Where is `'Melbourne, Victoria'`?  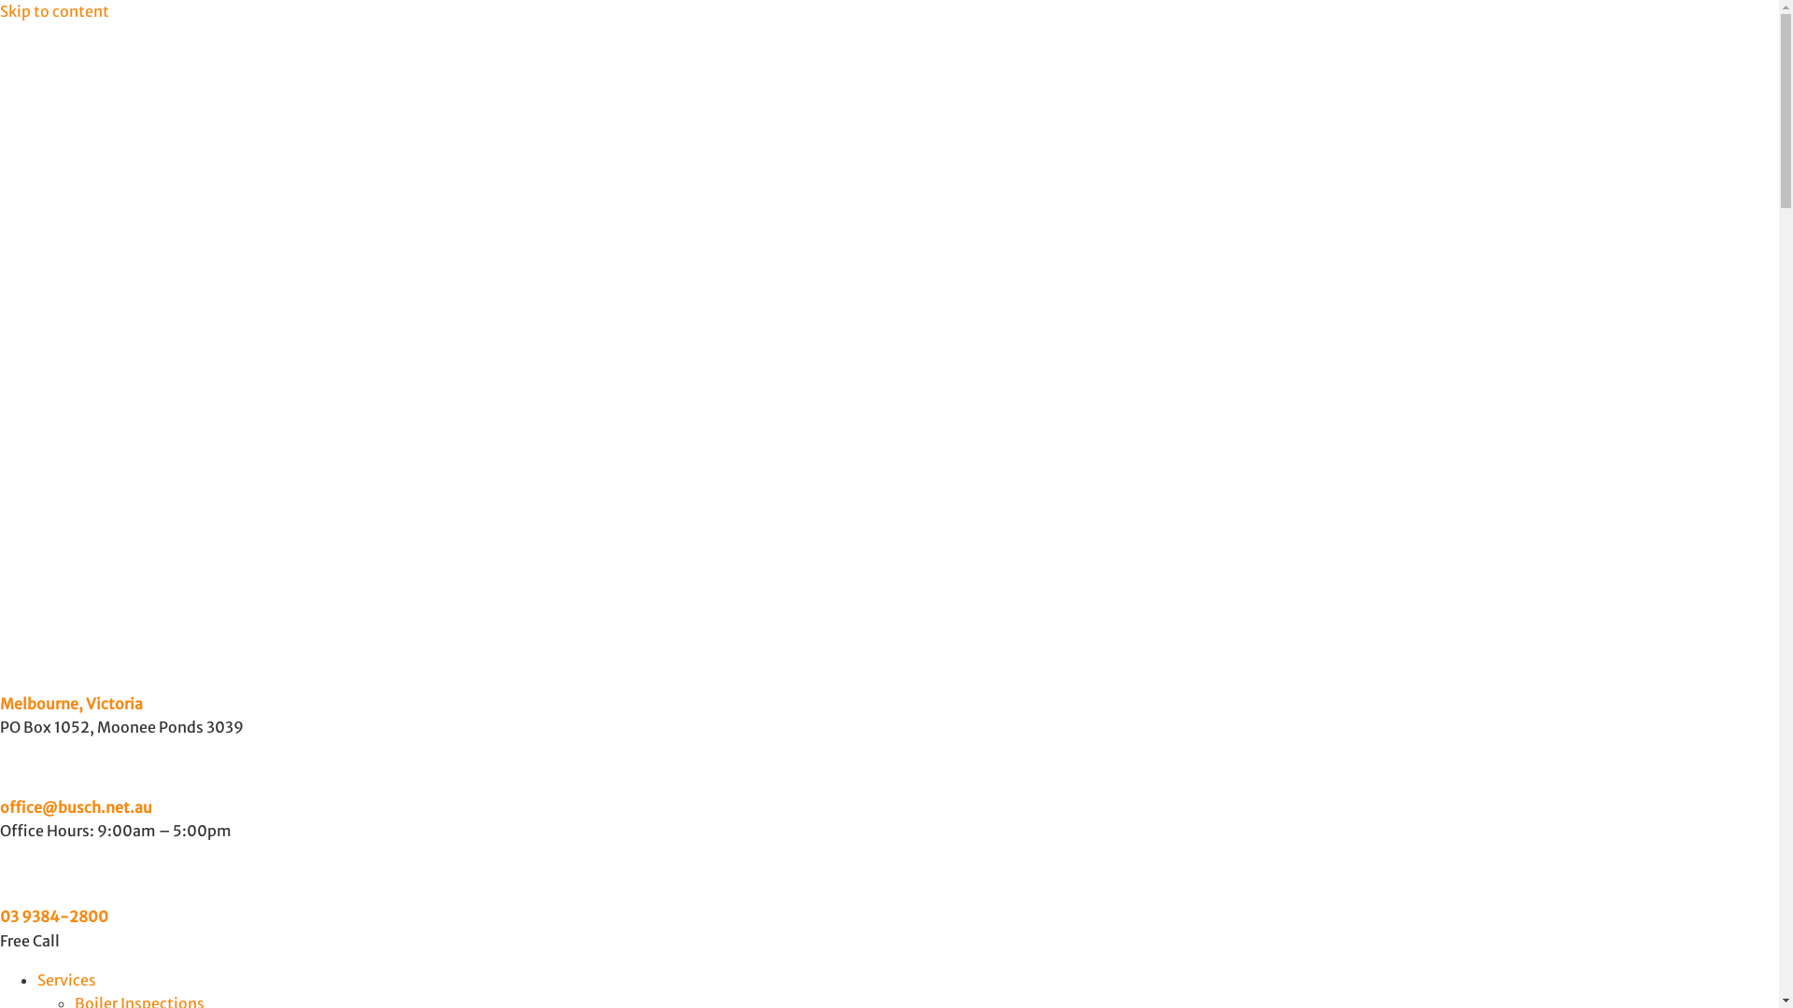 'Melbourne, Victoria' is located at coordinates (0, 703).